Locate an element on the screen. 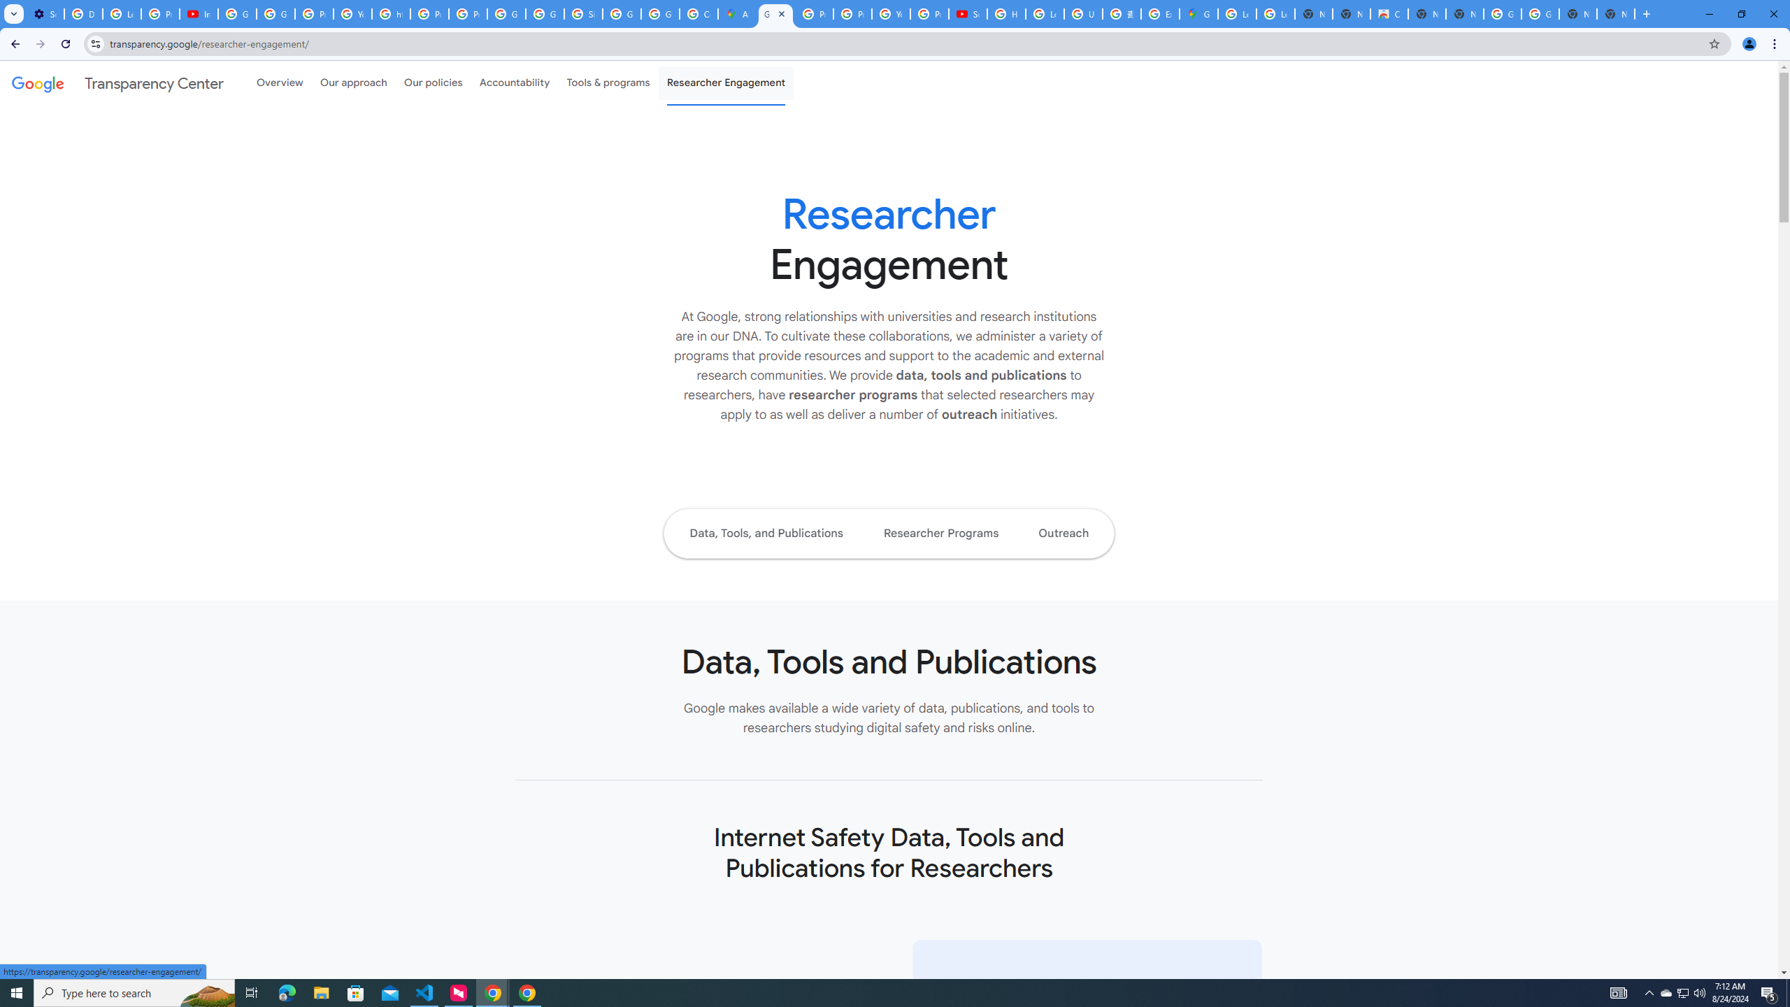 The width and height of the screenshot is (1790, 1007). 'Google Images' is located at coordinates (1502, 13).